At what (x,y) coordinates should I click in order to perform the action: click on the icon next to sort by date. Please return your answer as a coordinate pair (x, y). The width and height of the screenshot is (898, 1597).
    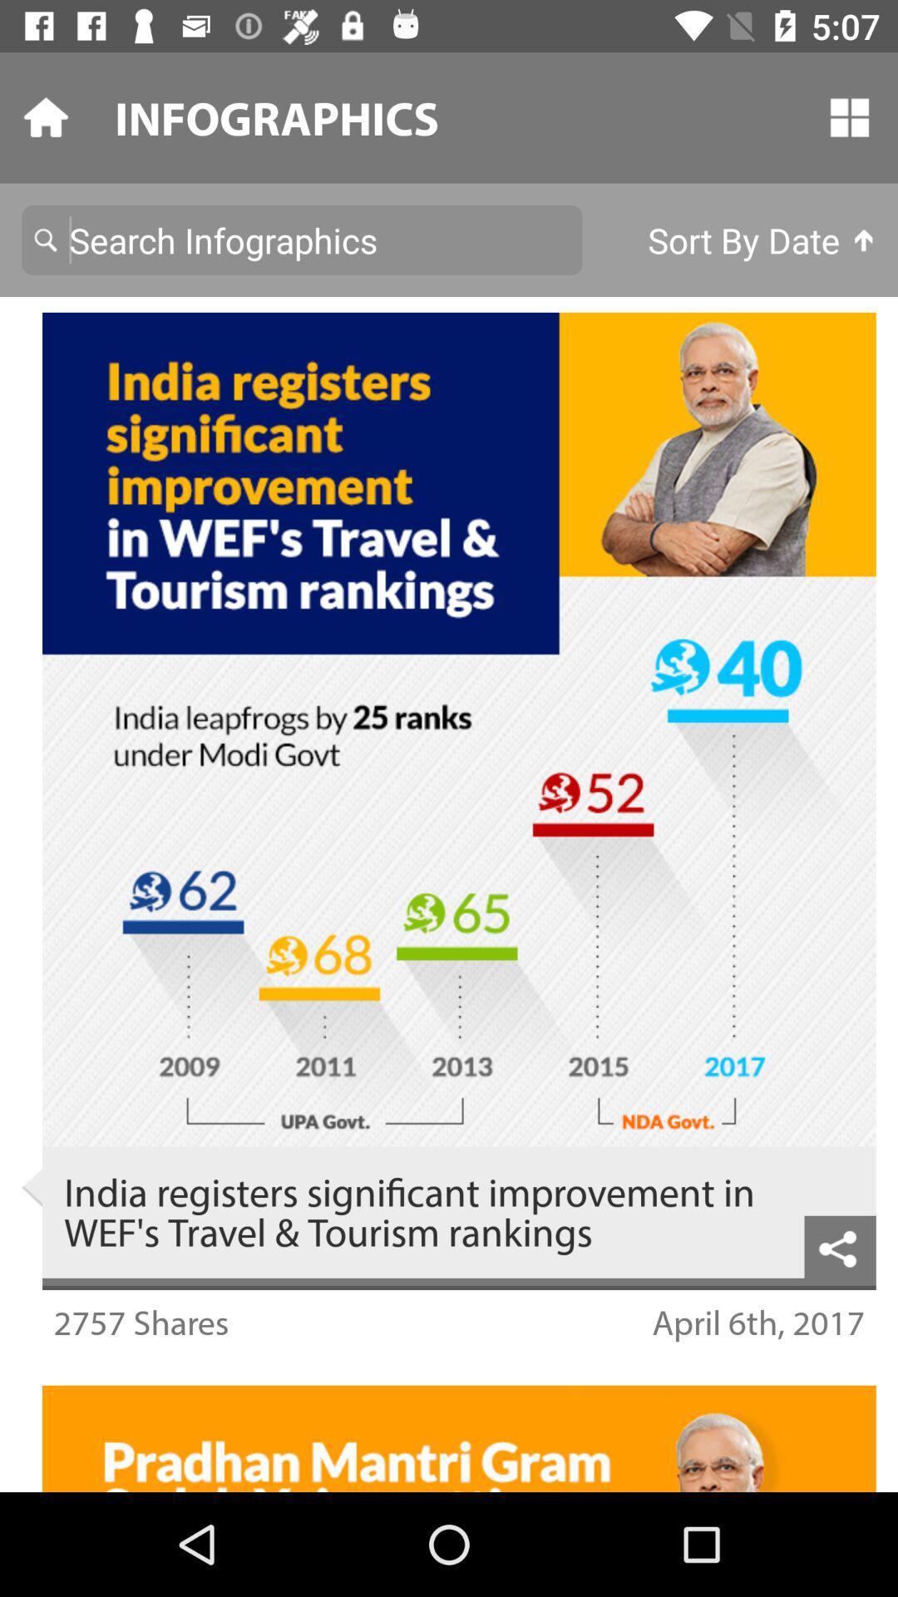
    Looking at the image, I should click on (302, 239).